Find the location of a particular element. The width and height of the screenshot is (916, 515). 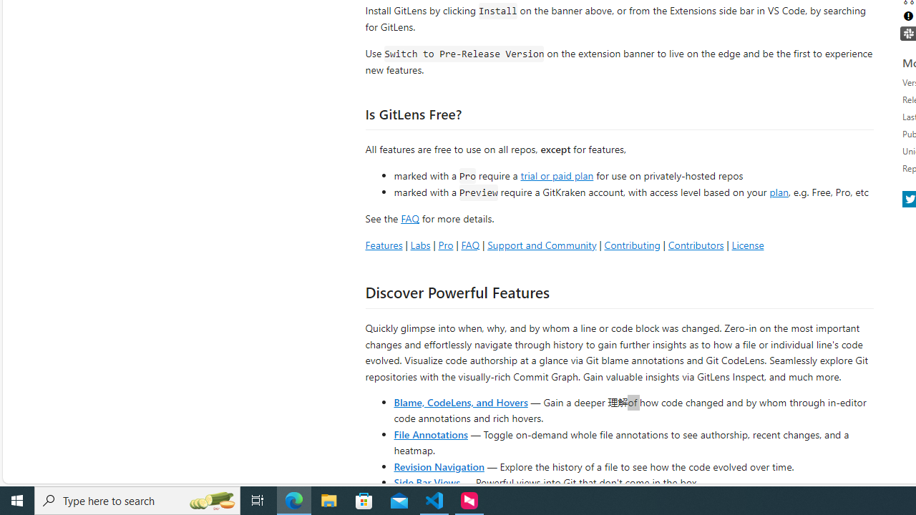

'Side Bar Views' is located at coordinates (426, 481).